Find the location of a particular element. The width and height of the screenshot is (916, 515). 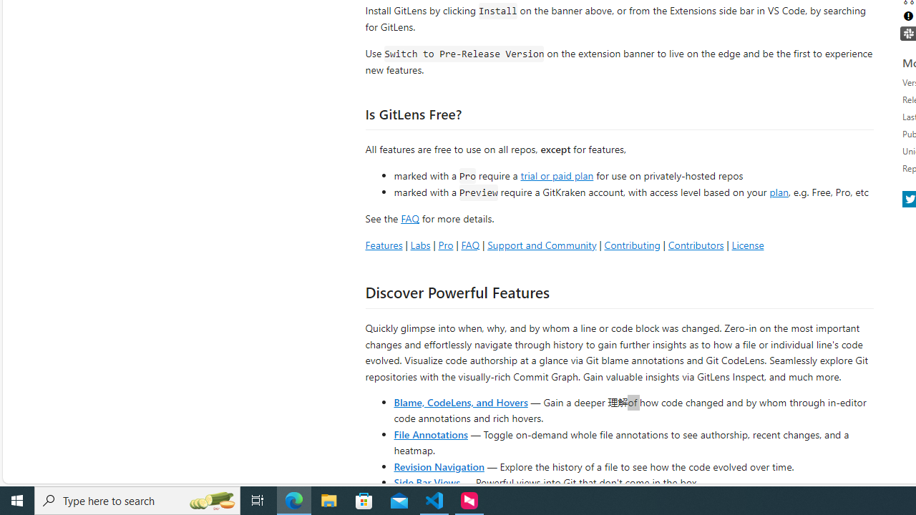

'Side Bar Views' is located at coordinates (426, 481).